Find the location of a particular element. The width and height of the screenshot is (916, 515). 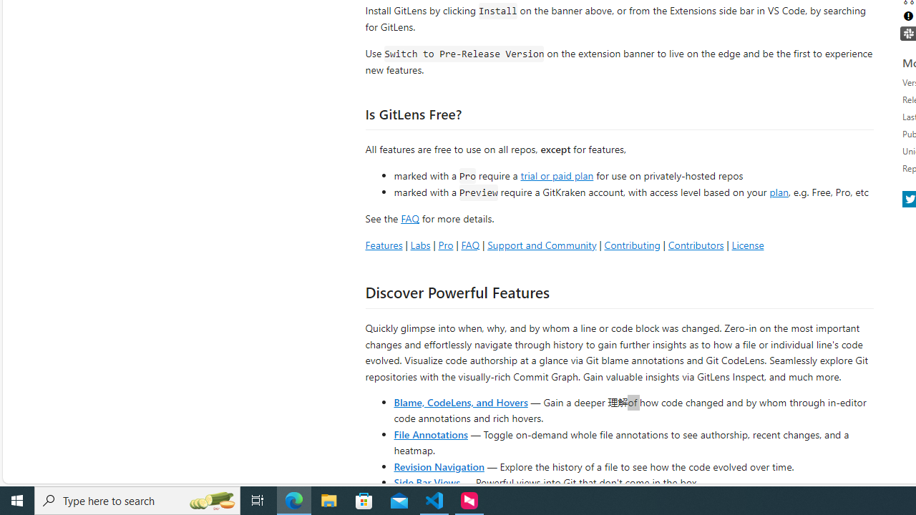

'Side Bar Views' is located at coordinates (426, 481).